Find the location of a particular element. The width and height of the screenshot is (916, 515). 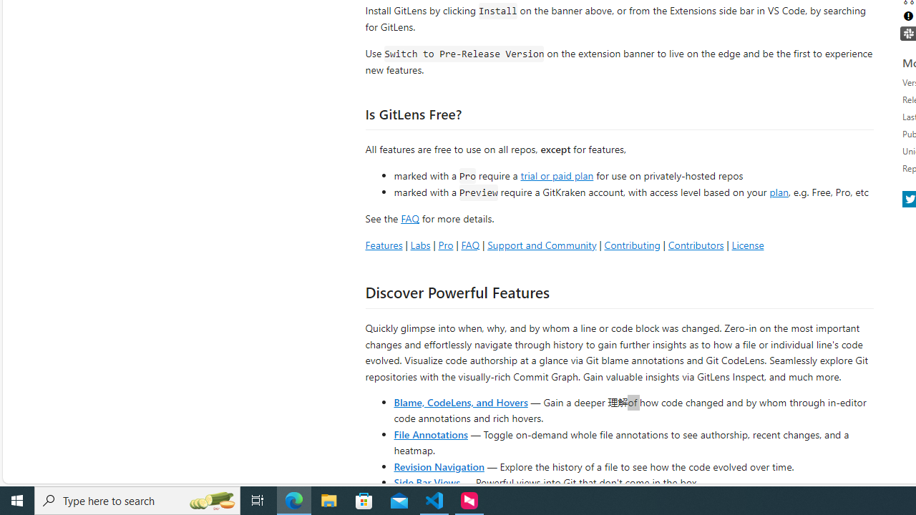

'Side Bar Views' is located at coordinates (426, 481).